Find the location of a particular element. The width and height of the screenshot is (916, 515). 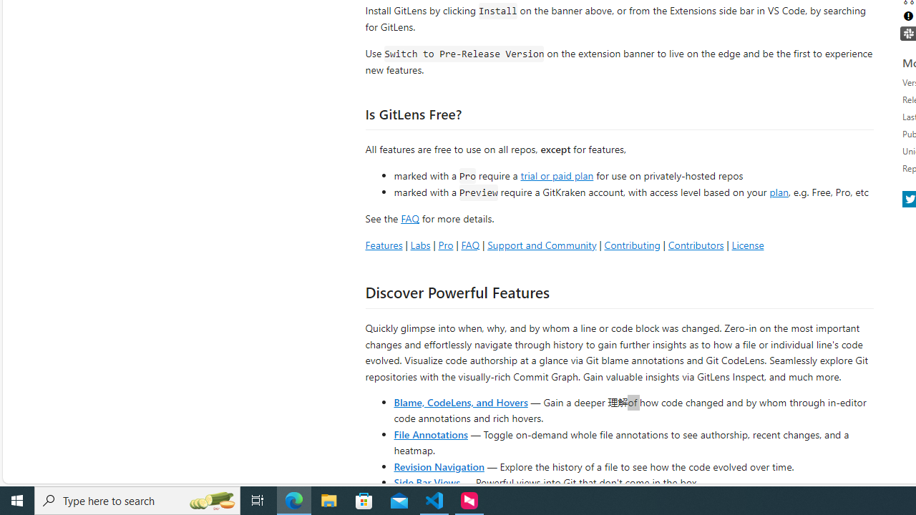

'Side Bar Views' is located at coordinates (426, 481).